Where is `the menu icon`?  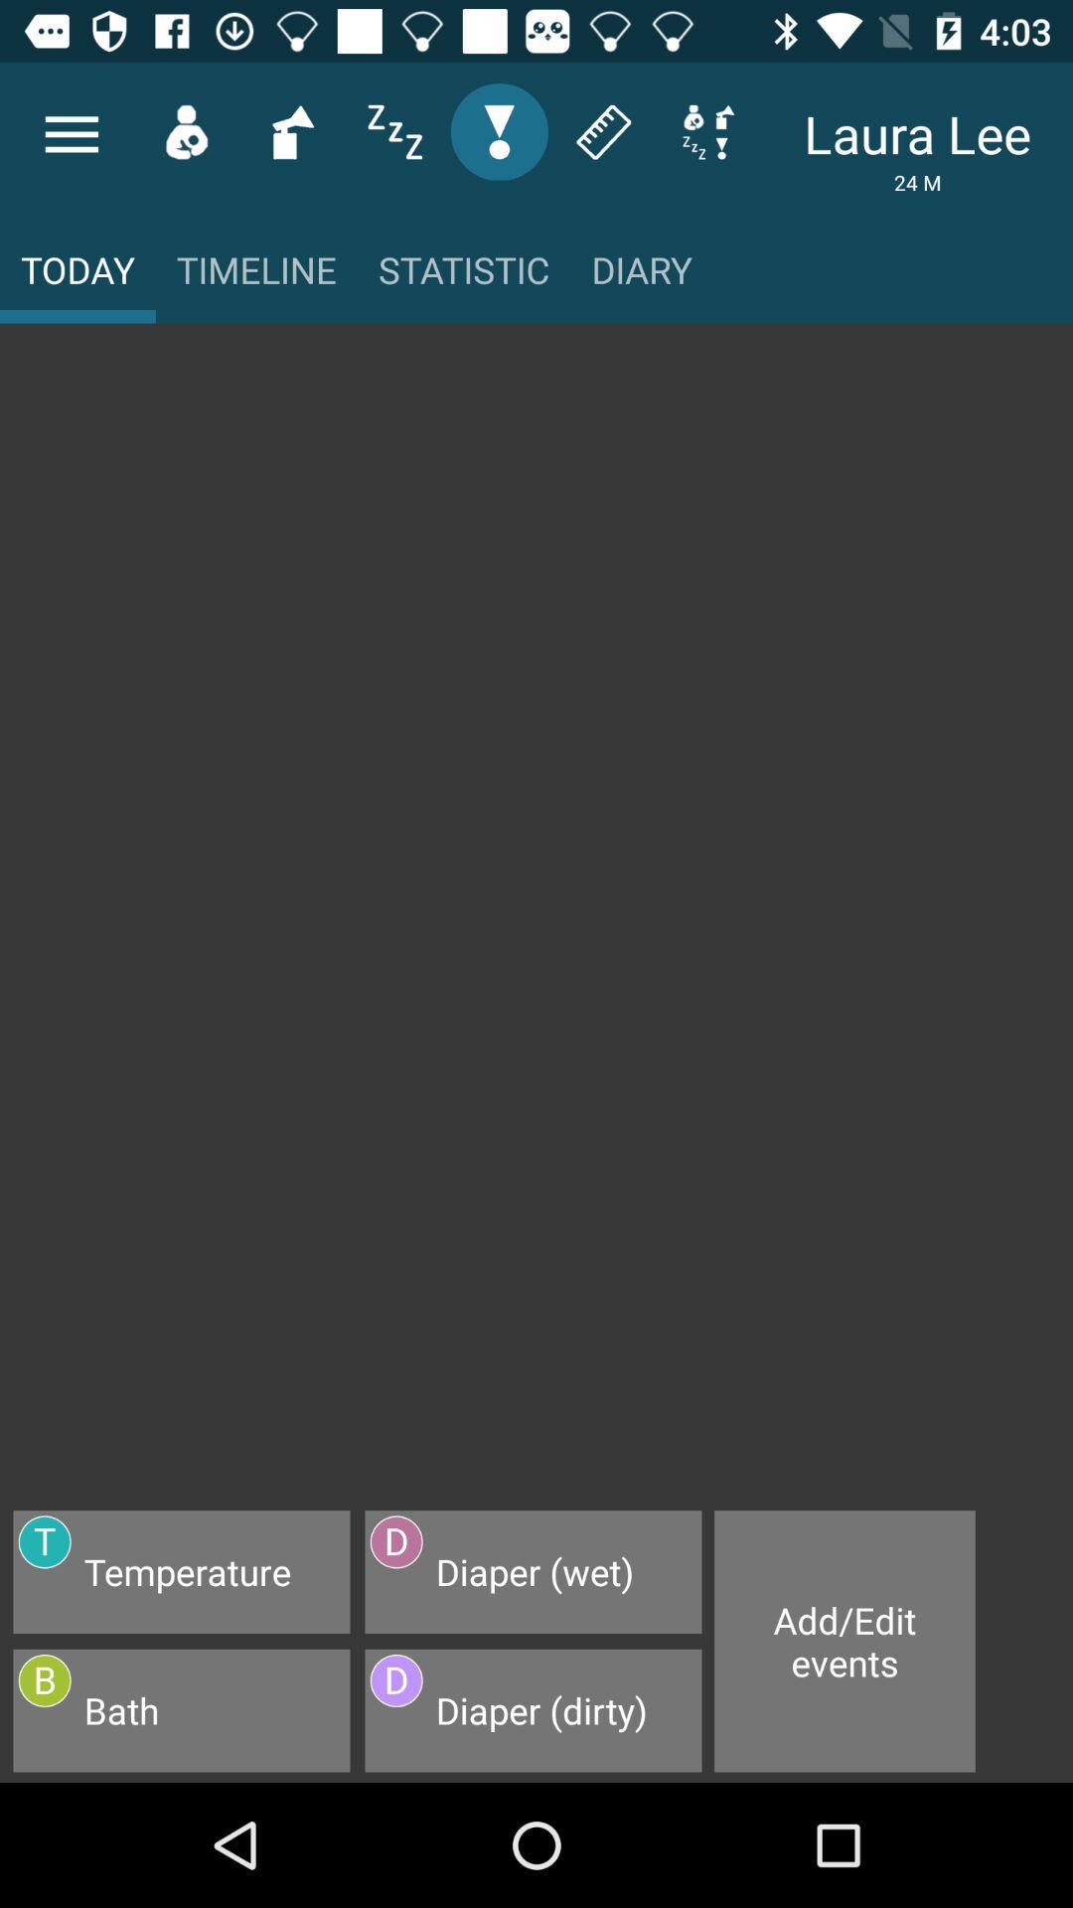 the menu icon is located at coordinates (71, 133).